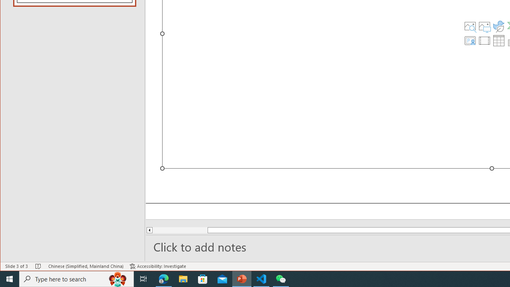 This screenshot has width=510, height=287. What do you see at coordinates (10, 278) in the screenshot?
I see `'Start'` at bounding box center [10, 278].